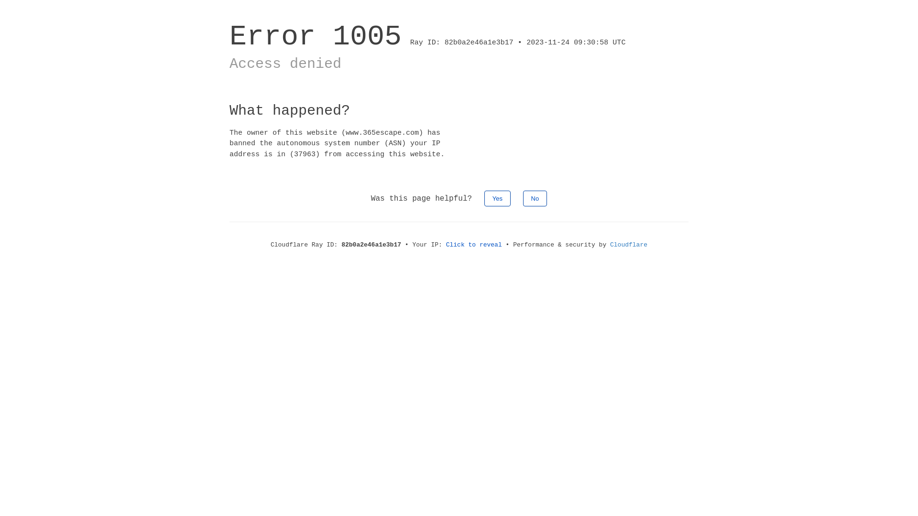 This screenshot has width=918, height=516. Describe the element at coordinates (535, 198) in the screenshot. I see `'No'` at that location.